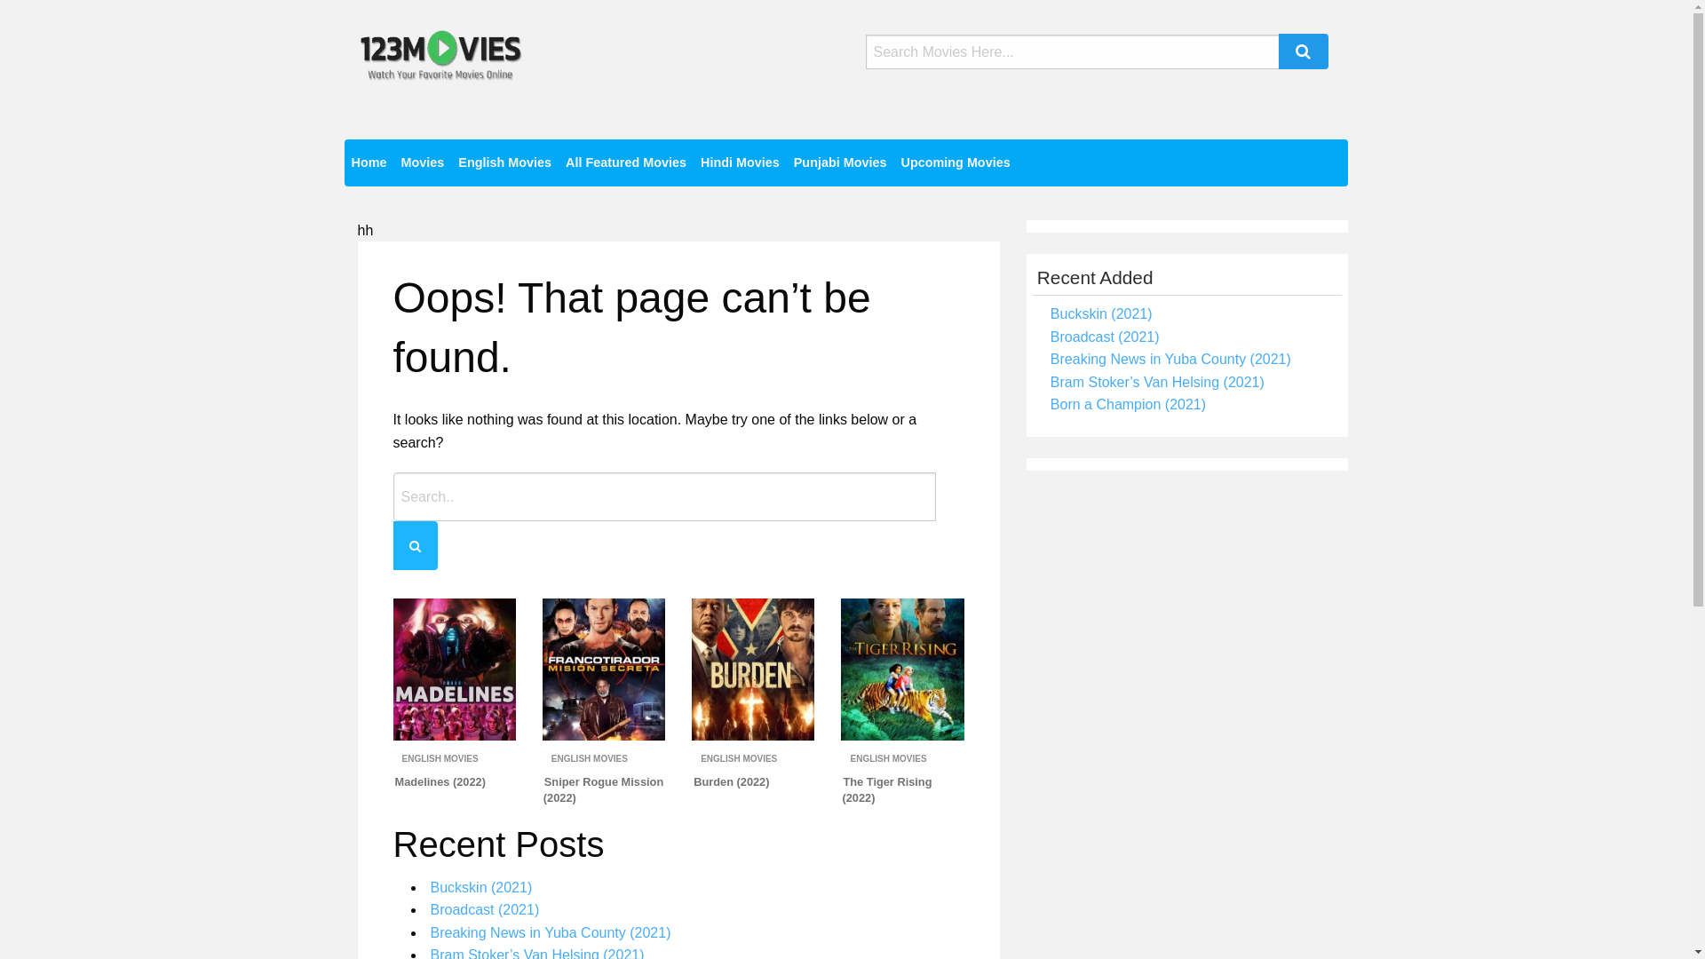 Image resolution: width=1705 pixels, height=959 pixels. Describe the element at coordinates (393, 781) in the screenshot. I see `'Madelines (2022)'` at that location.